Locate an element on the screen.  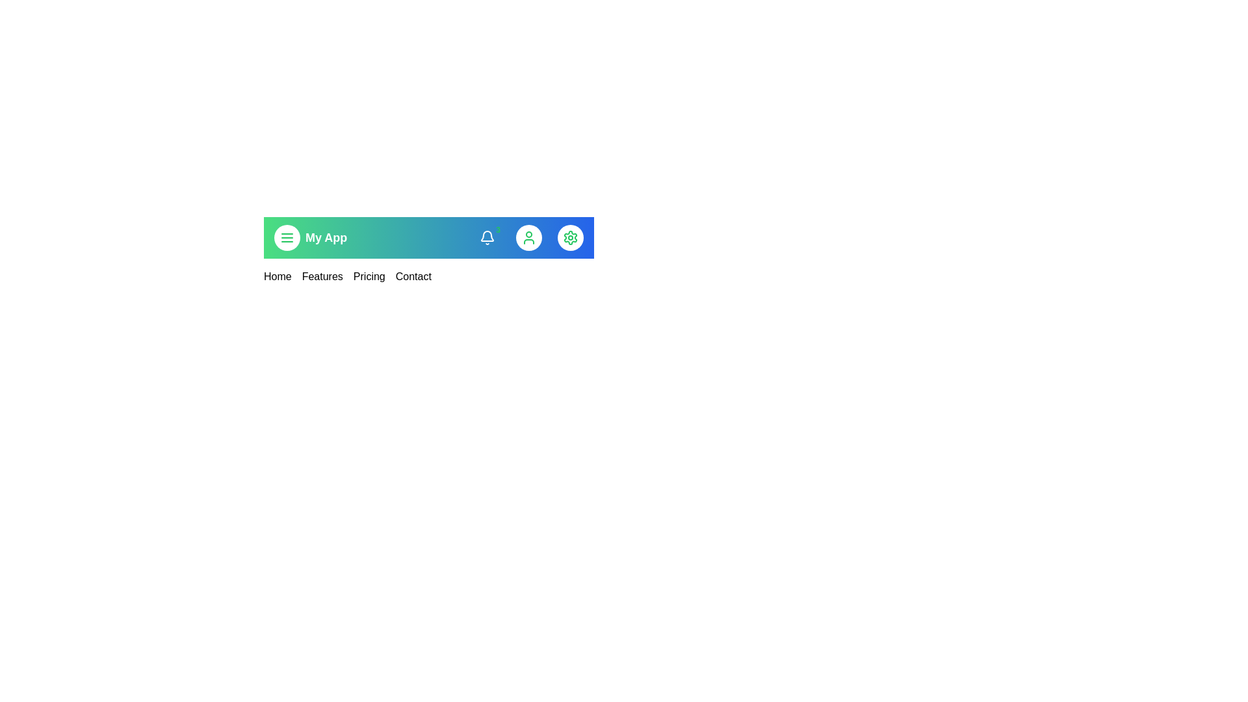
the menu link corresponding to Contact is located at coordinates (412, 276).